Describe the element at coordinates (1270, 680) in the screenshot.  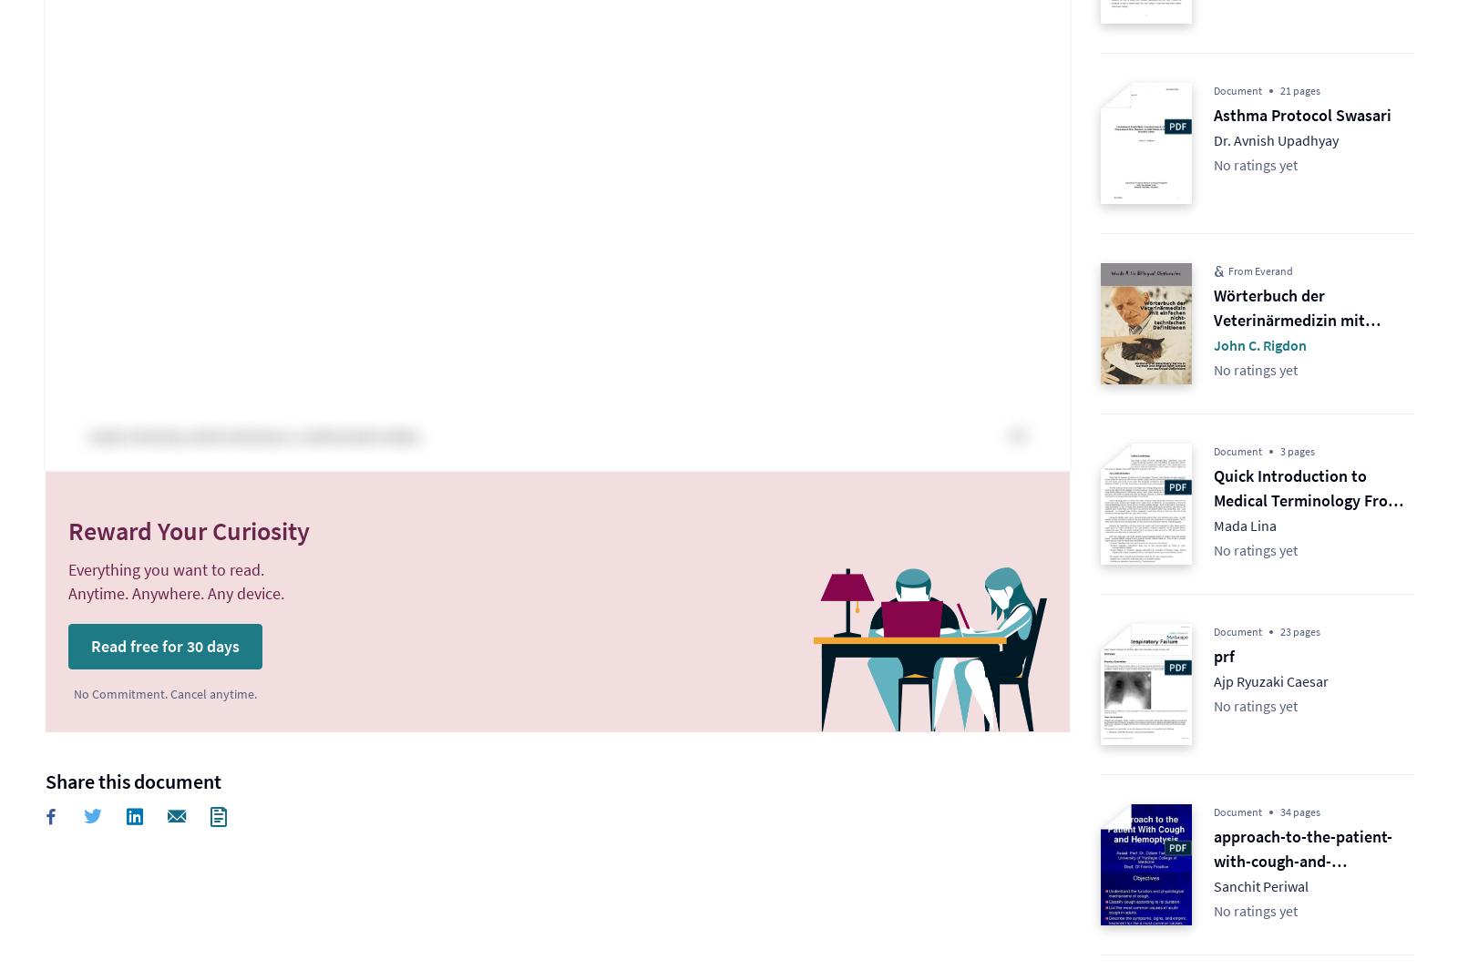
I see `'Ajp Ryuzaki Caesar'` at that location.